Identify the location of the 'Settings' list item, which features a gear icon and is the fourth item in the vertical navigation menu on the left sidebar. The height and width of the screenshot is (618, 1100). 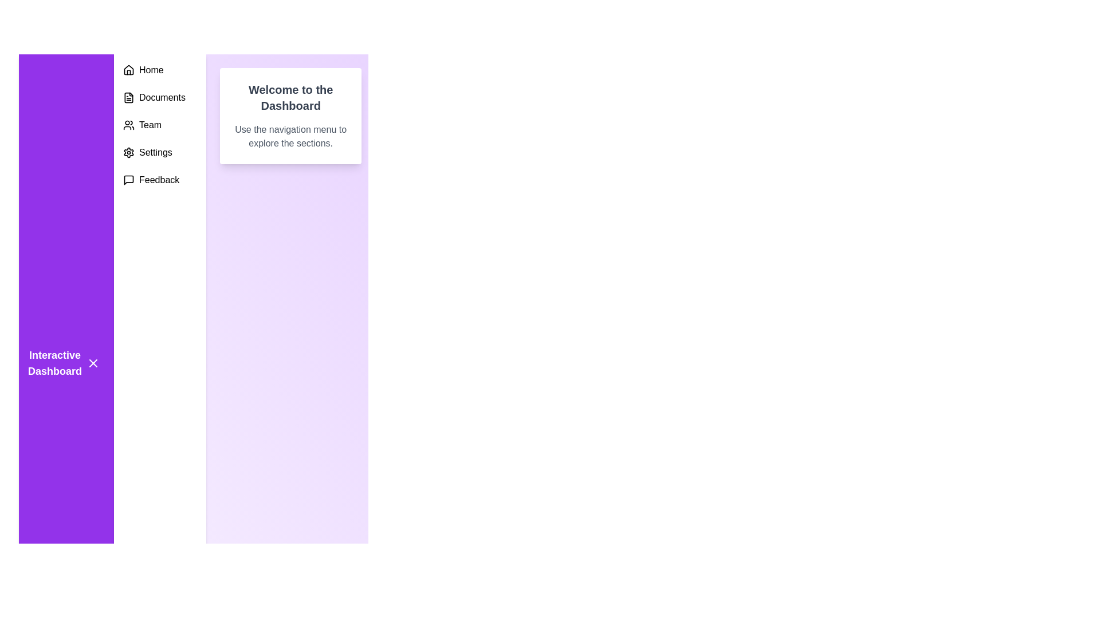
(159, 152).